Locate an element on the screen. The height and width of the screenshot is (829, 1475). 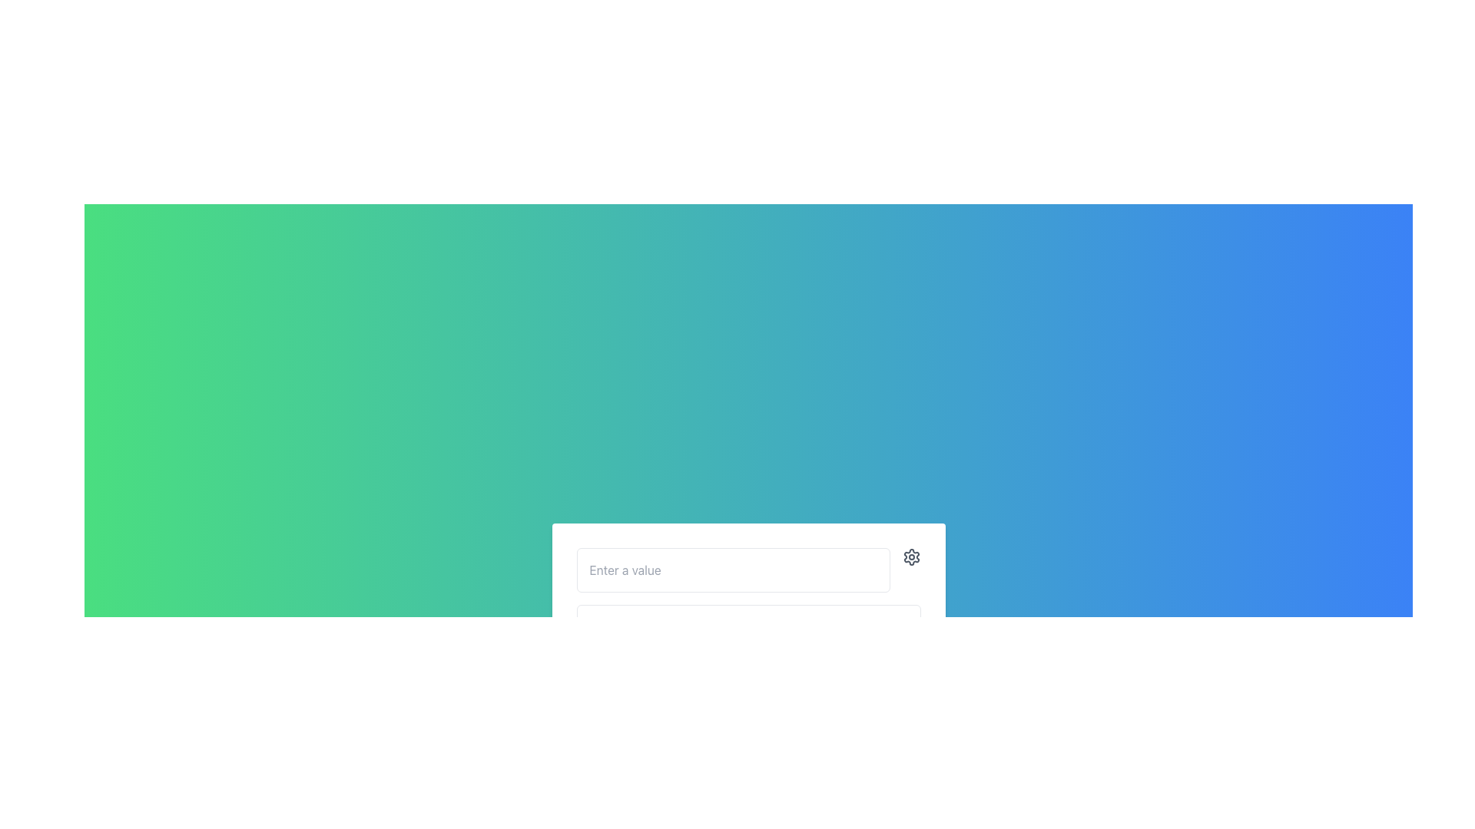
the gear-shaped icon, which is styled in gray and represents the settings function is located at coordinates (911, 557).